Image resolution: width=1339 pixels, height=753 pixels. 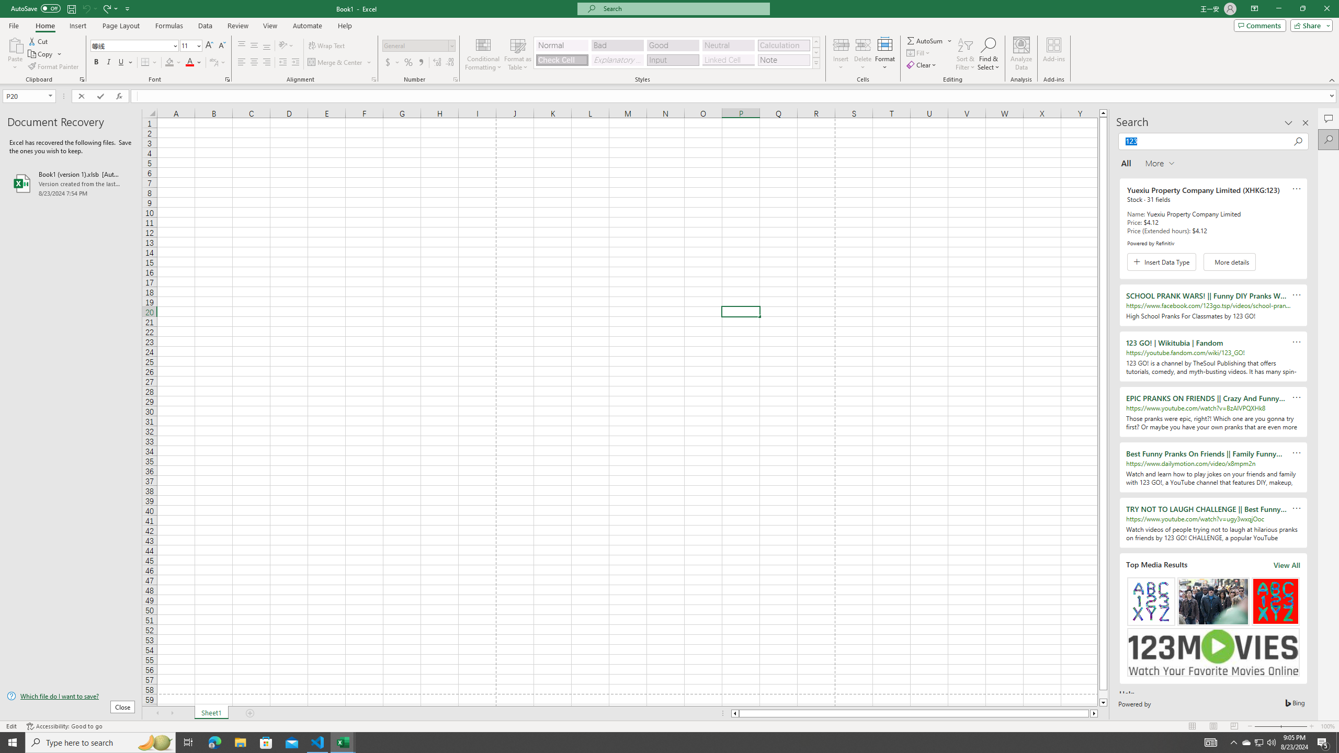 I want to click on 'Row Down', so click(x=816, y=52).